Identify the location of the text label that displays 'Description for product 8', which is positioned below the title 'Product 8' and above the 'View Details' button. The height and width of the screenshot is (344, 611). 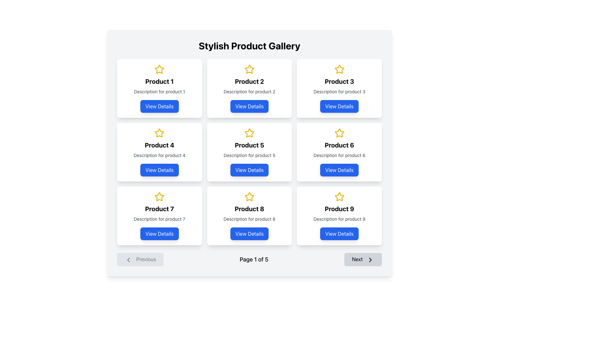
(249, 219).